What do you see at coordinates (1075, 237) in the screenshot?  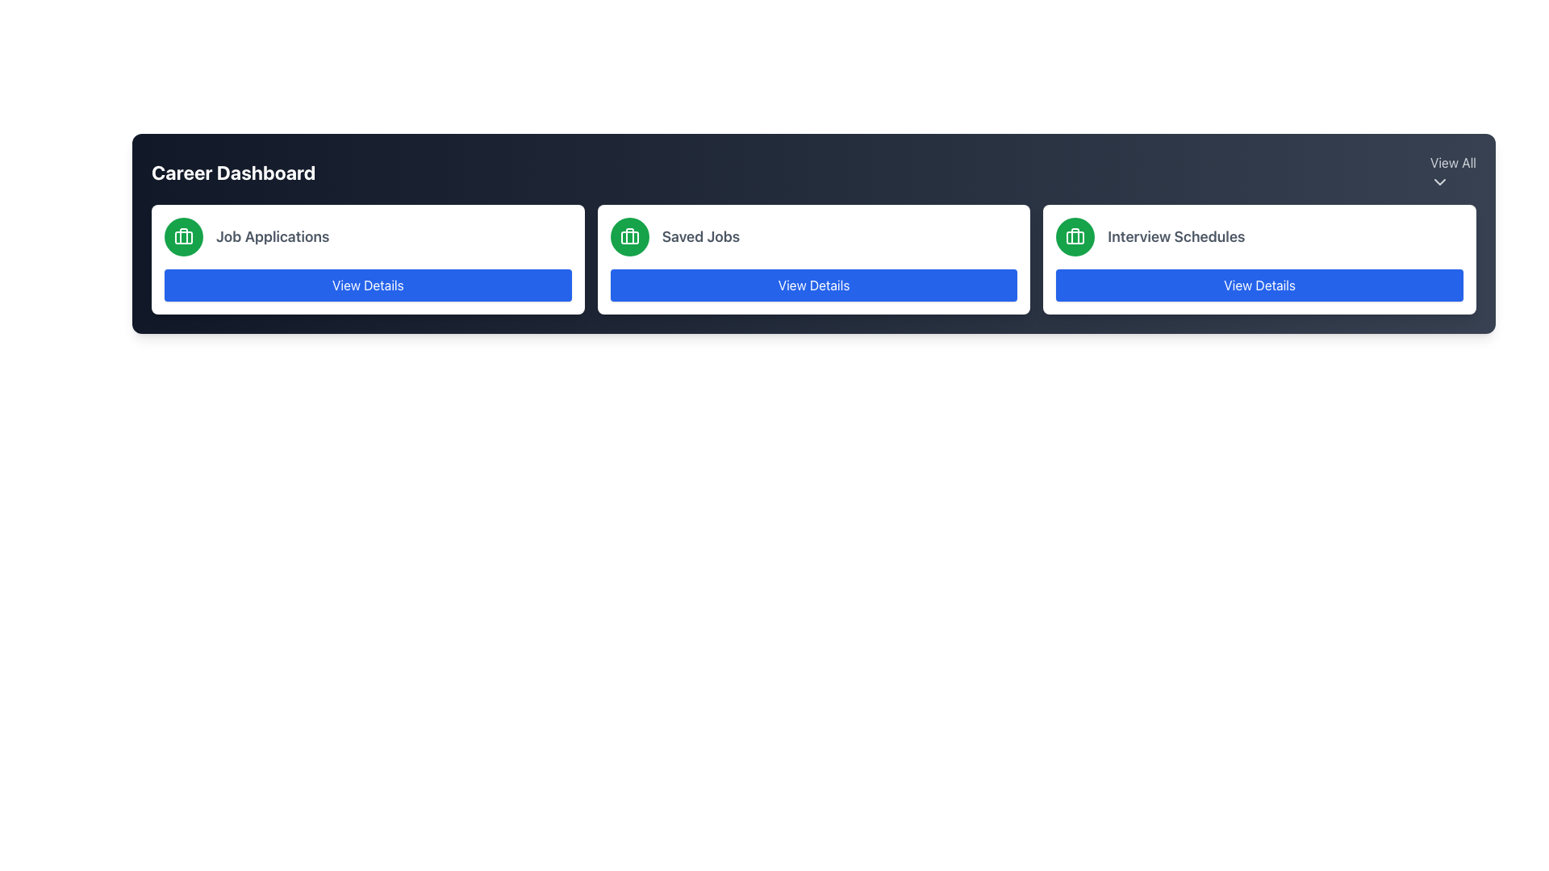 I see `and interact with the decorative subcomponent within the briefcase icon located` at bounding box center [1075, 237].